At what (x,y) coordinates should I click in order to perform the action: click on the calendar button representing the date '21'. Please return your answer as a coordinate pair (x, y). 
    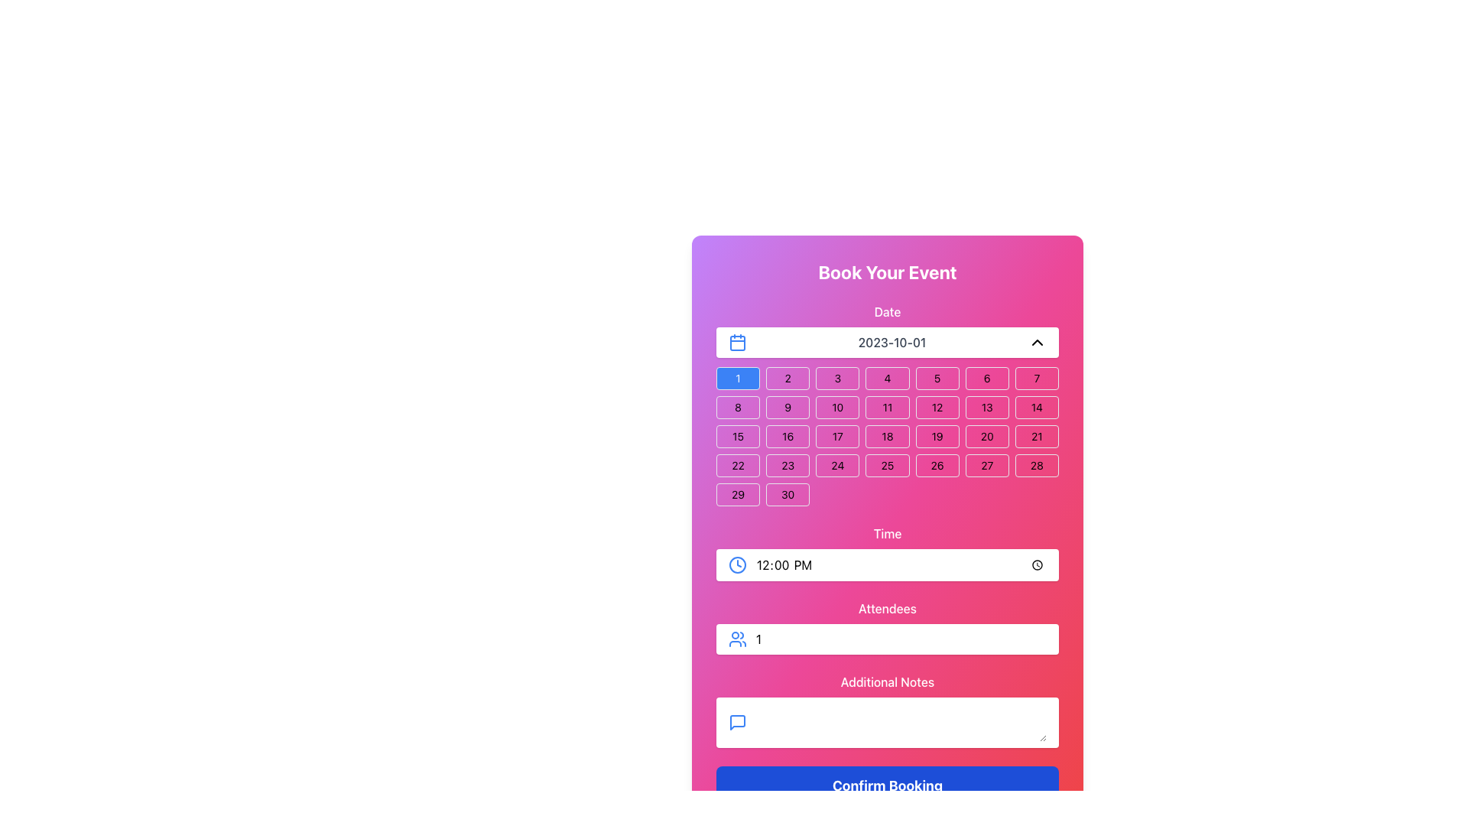
    Looking at the image, I should click on (1037, 436).